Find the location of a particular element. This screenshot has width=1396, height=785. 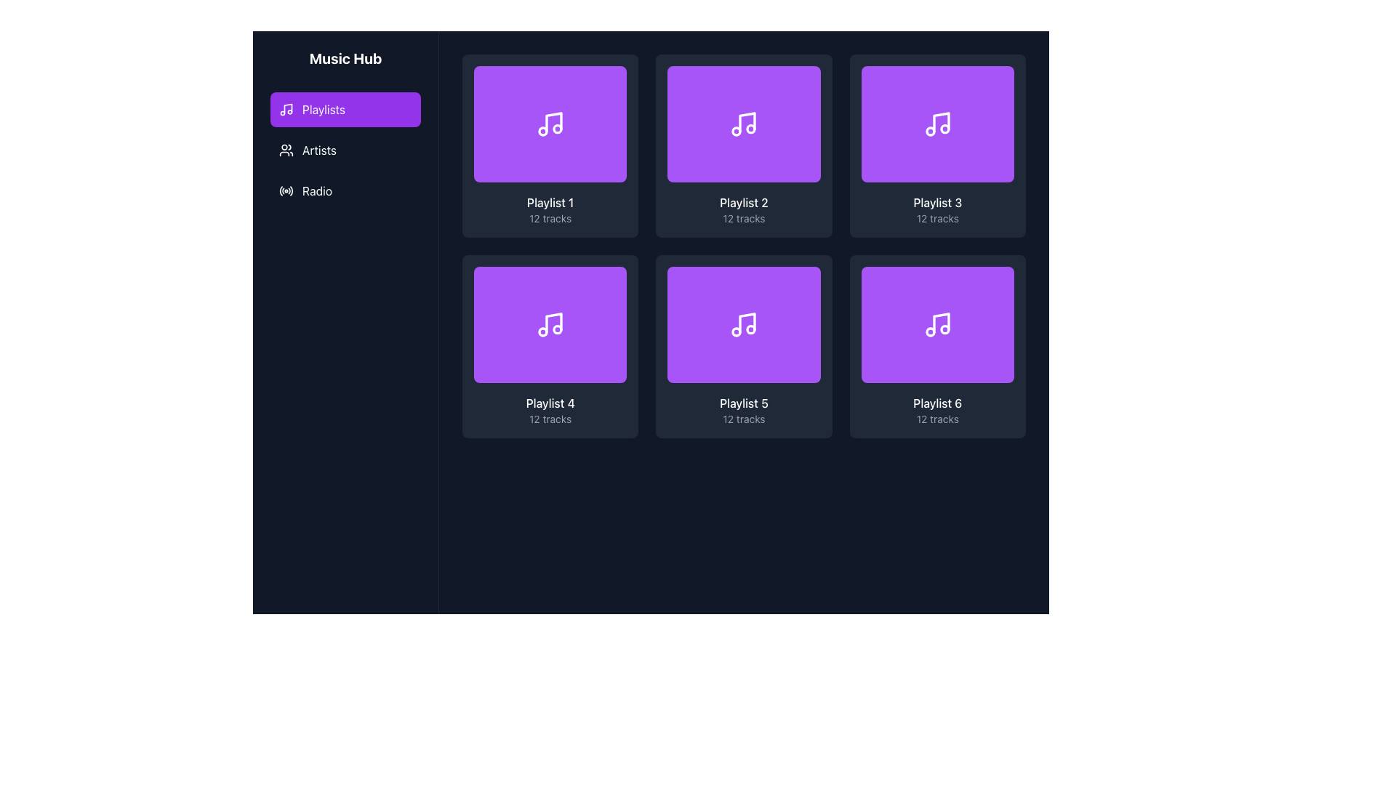

the card header with a white music note icon, which is the third card in the top row under 'Playlist 3' is located at coordinates (937, 123).